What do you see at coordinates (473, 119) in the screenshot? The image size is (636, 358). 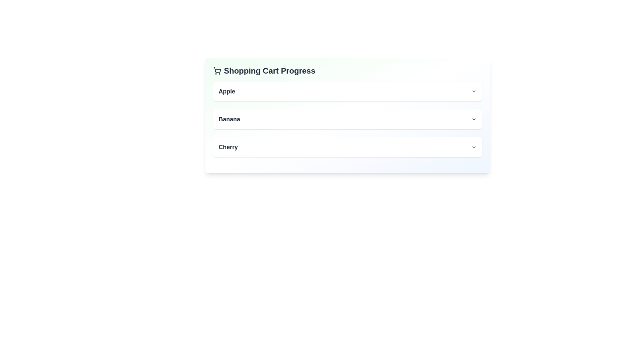 I see `the chevron button` at bounding box center [473, 119].